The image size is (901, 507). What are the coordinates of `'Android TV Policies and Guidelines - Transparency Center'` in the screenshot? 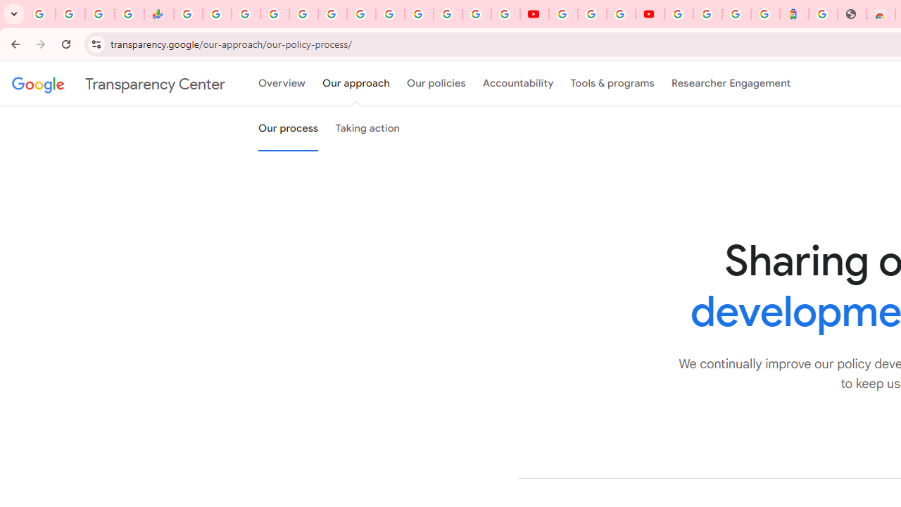 It's located at (361, 14).